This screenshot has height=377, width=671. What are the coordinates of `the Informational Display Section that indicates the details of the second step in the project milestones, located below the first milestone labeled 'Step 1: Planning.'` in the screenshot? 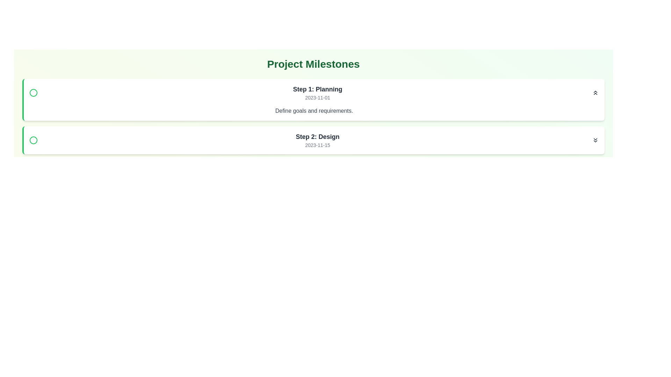 It's located at (313, 140).